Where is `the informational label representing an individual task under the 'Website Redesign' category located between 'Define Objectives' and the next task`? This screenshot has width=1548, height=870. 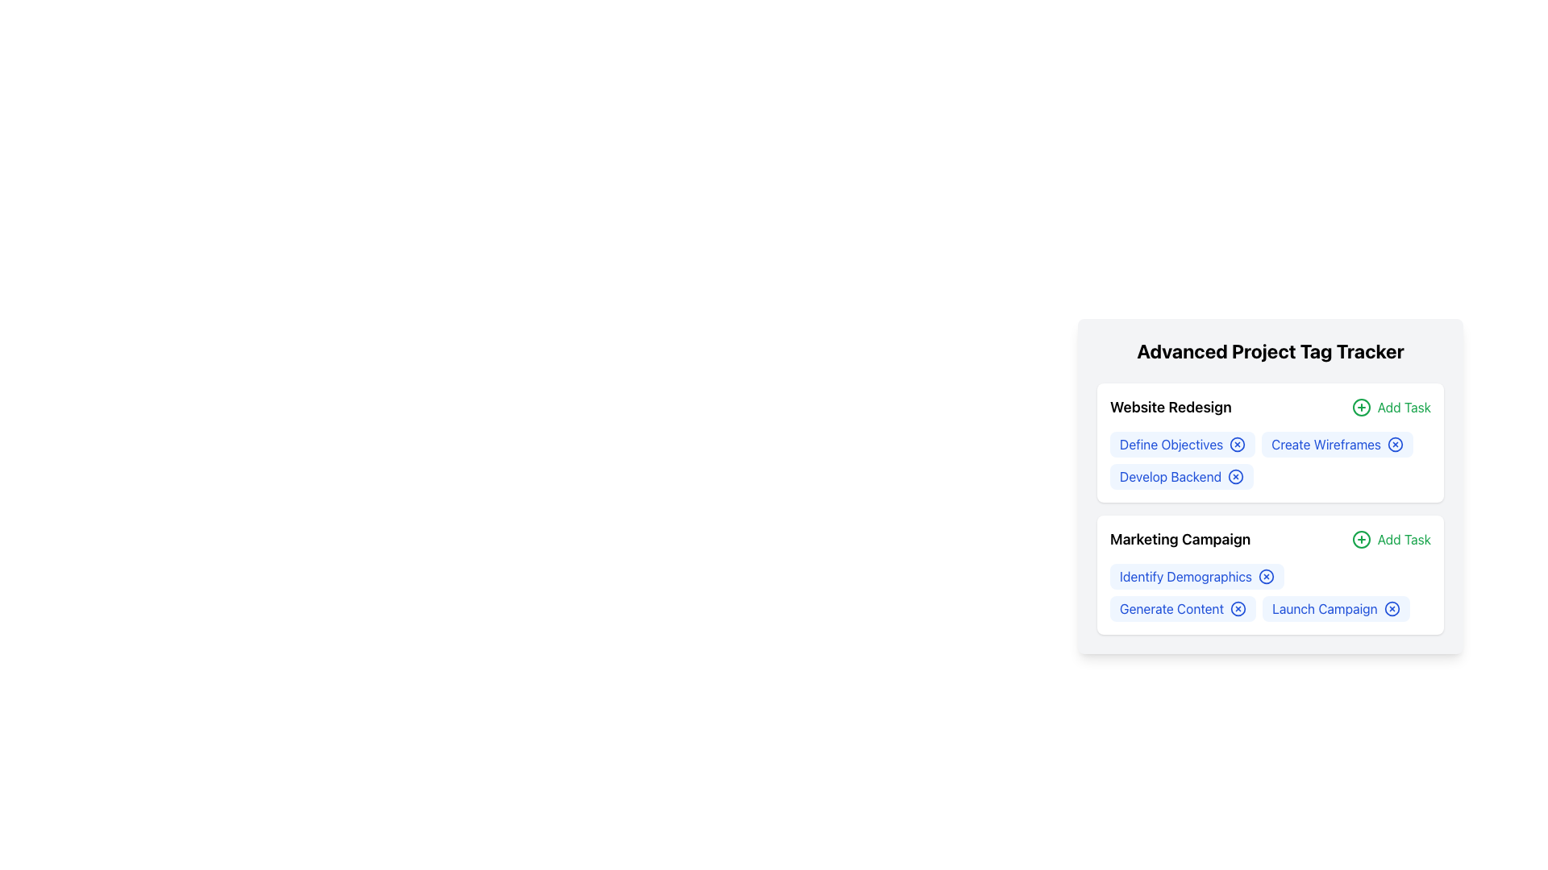
the informational label representing an individual task under the 'Website Redesign' category located between 'Define Objectives' and the next task is located at coordinates (1171, 475).